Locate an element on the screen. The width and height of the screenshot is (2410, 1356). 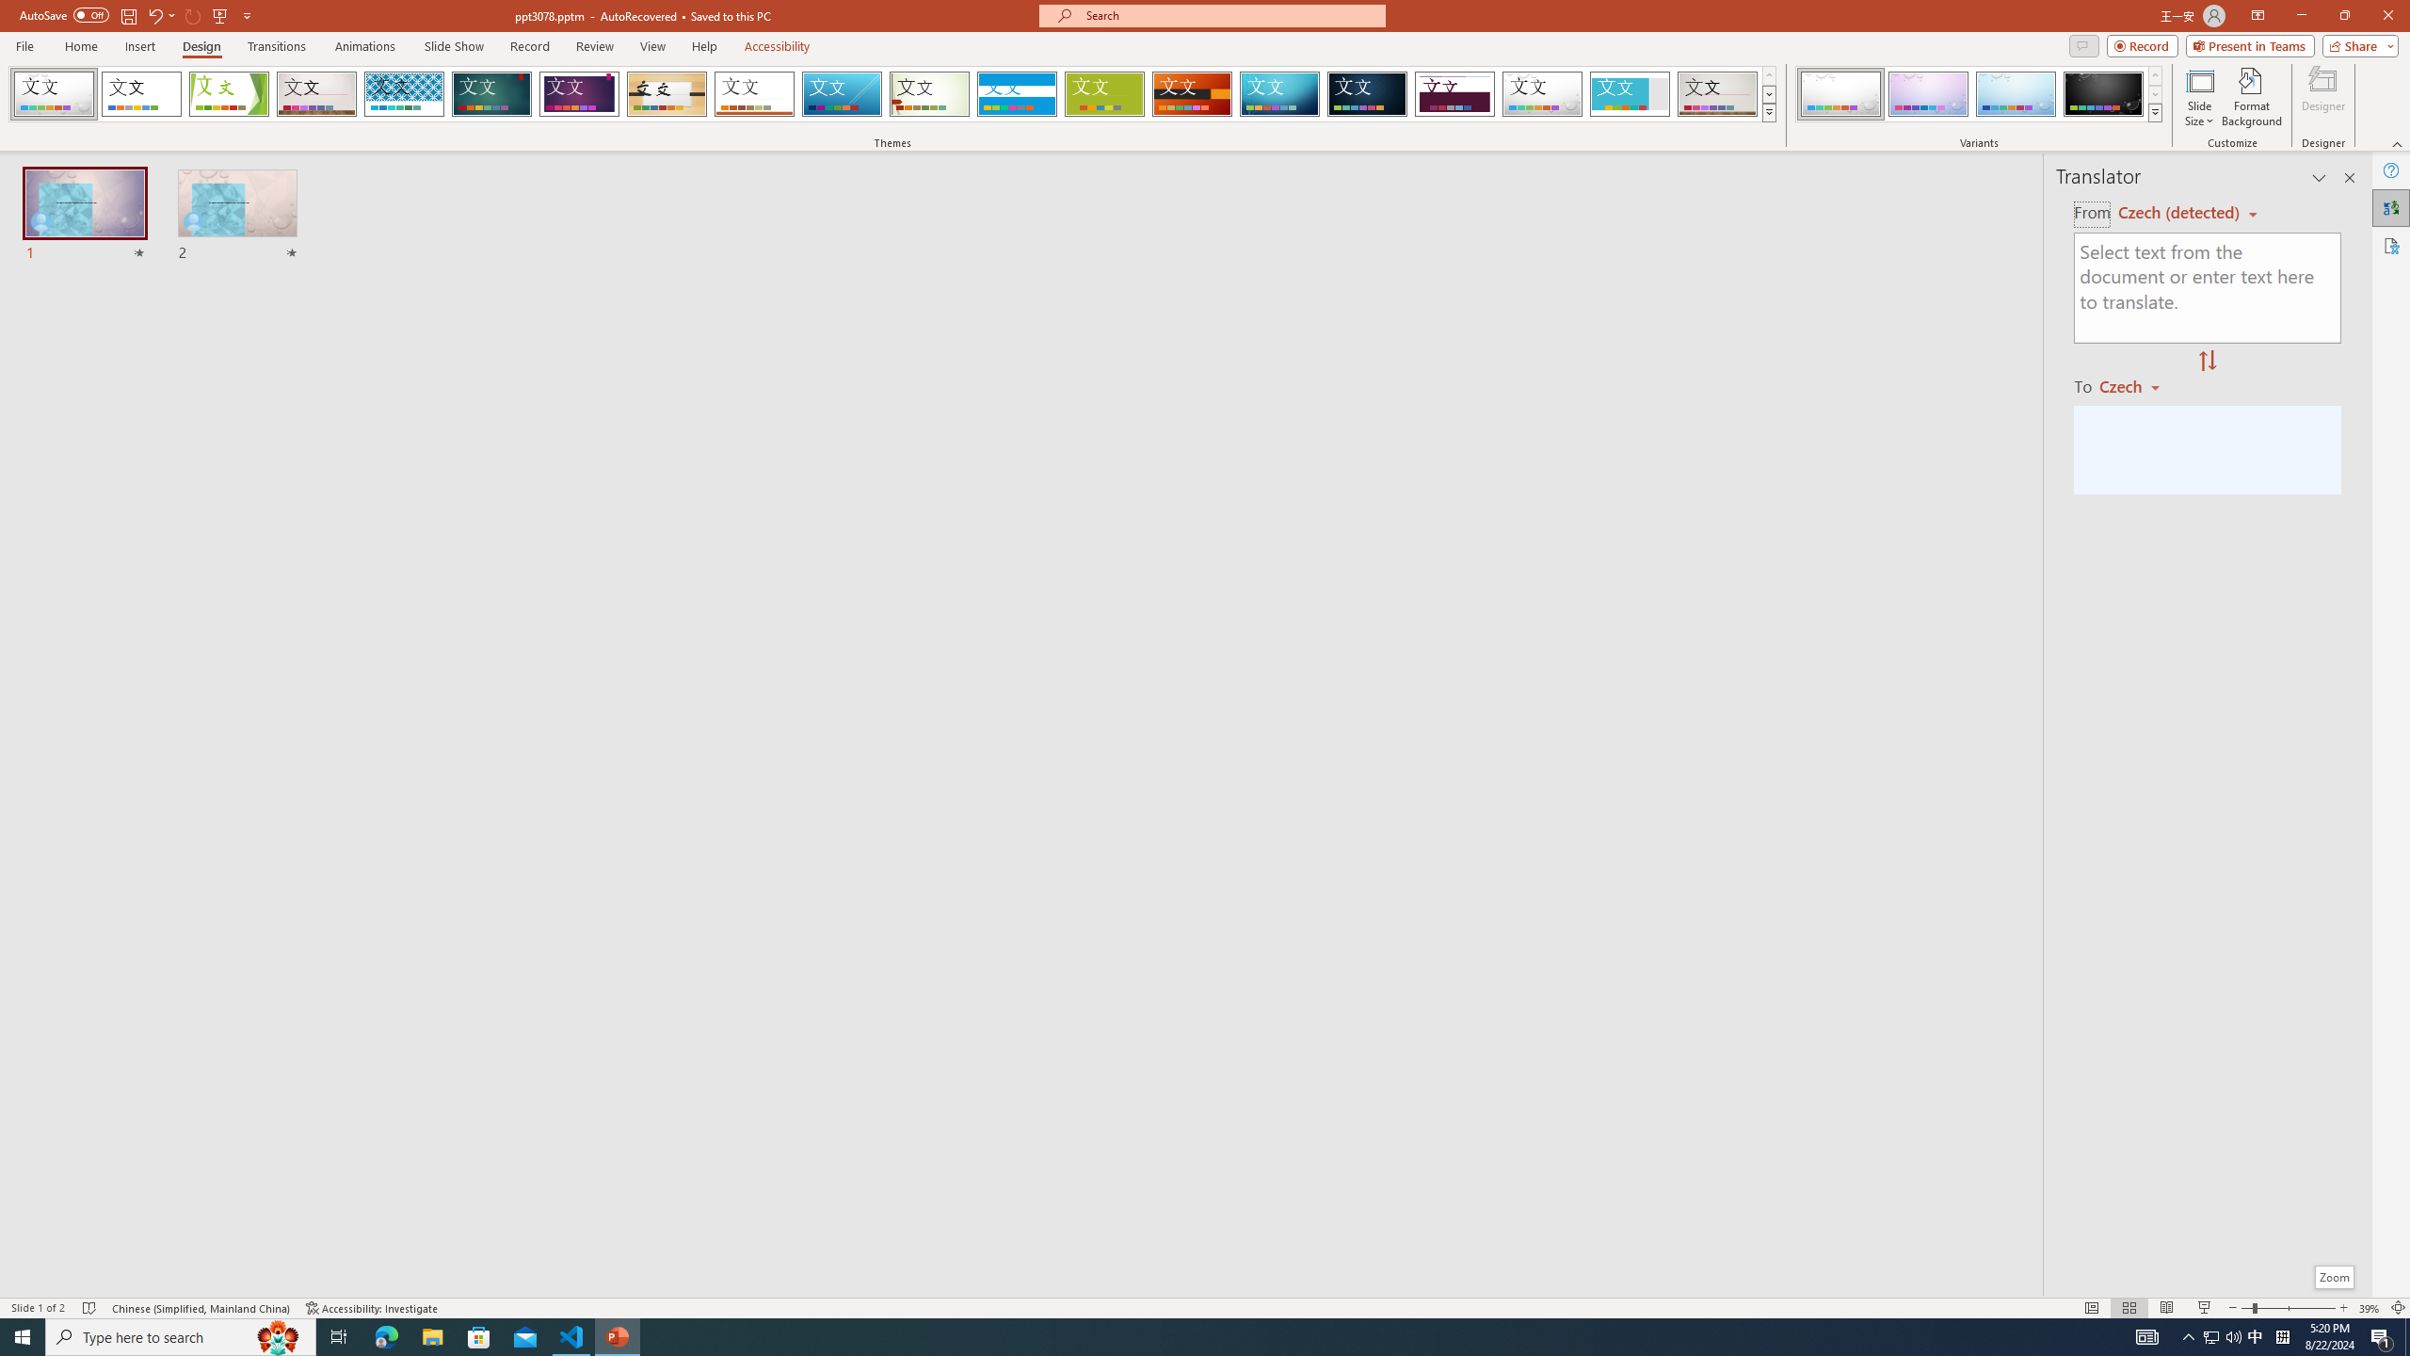
'Droplet' is located at coordinates (1542, 93).